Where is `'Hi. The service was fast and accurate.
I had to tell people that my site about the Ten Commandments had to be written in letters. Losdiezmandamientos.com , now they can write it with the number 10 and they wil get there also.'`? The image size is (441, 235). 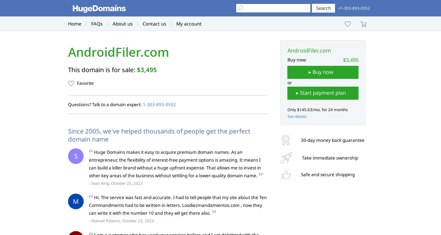 'Hi. The service was fast and accurate.
I had to tell people that my site about the Ten Commandments had to be written in letters. Losdiezmandamientos.com , now they can write it with the number 10 and they wil get there also.' is located at coordinates (178, 205).